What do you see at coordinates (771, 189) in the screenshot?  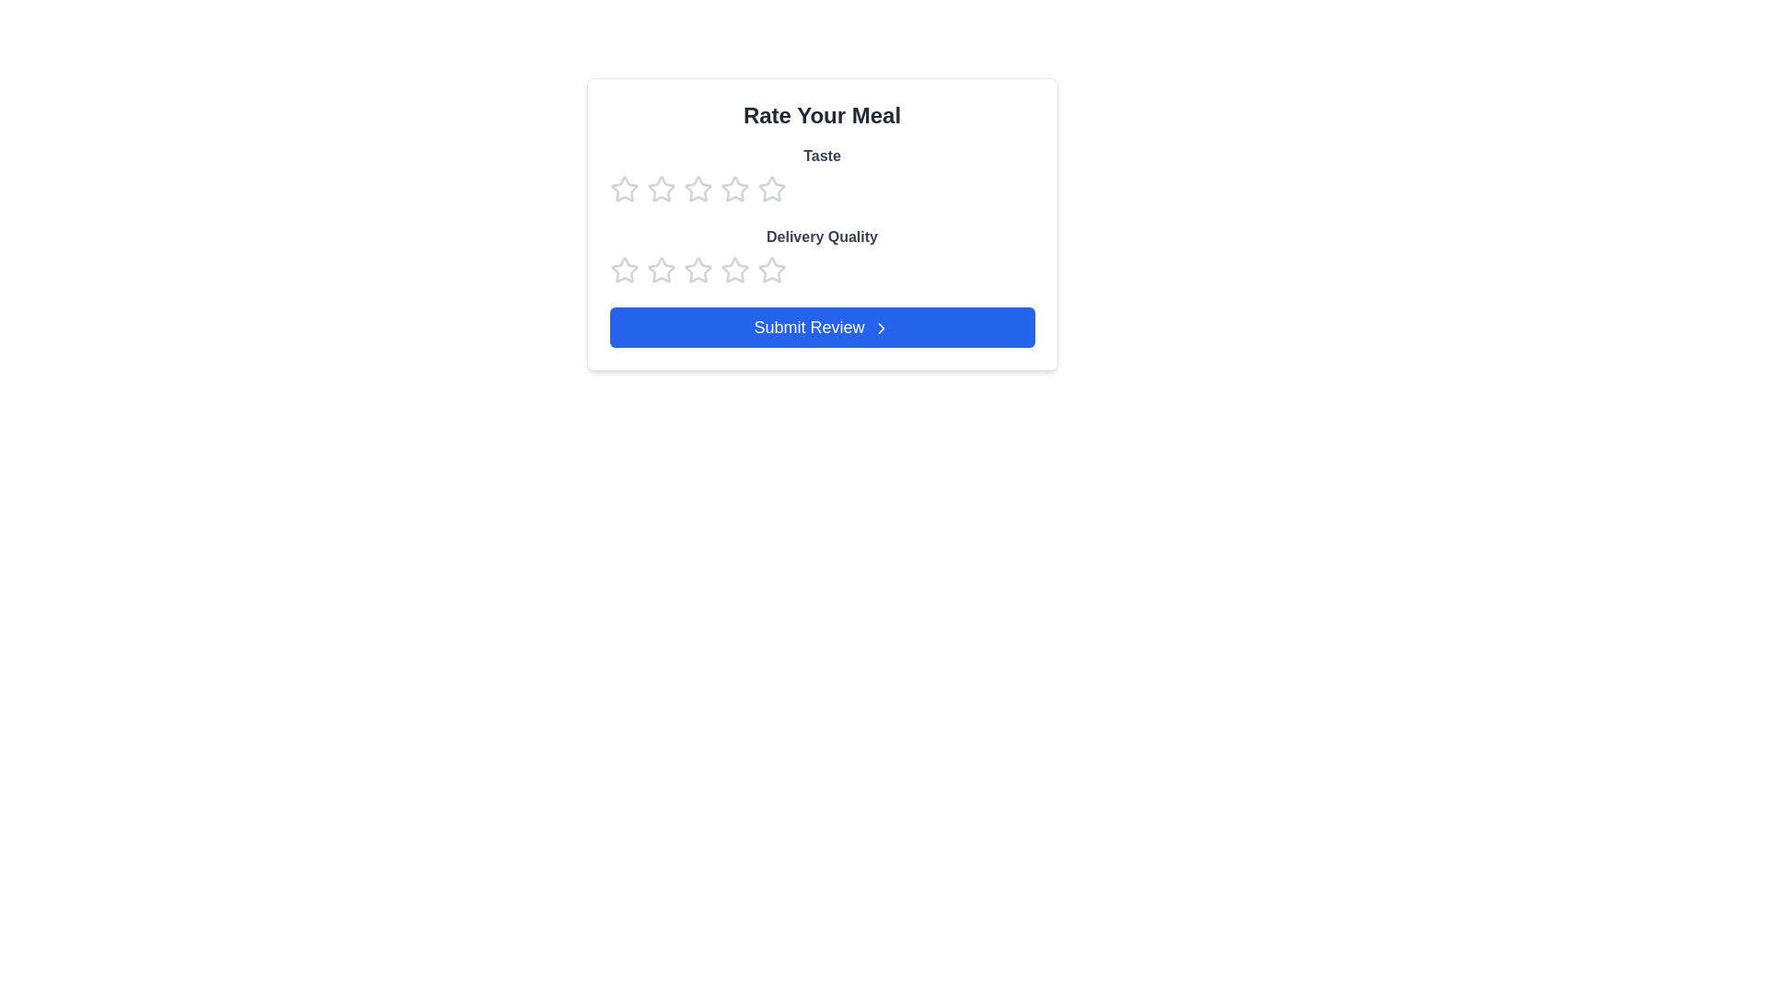 I see `the second star icon in the rating row under the 'Taste' label` at bounding box center [771, 189].